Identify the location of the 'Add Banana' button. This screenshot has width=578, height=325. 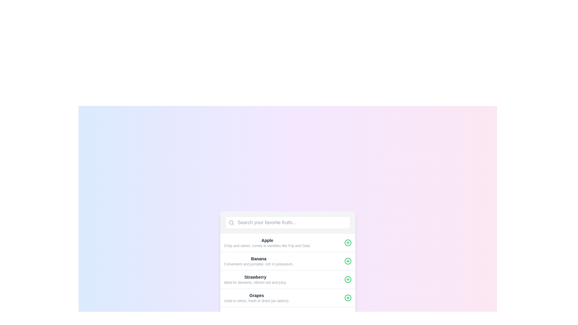
(348, 261).